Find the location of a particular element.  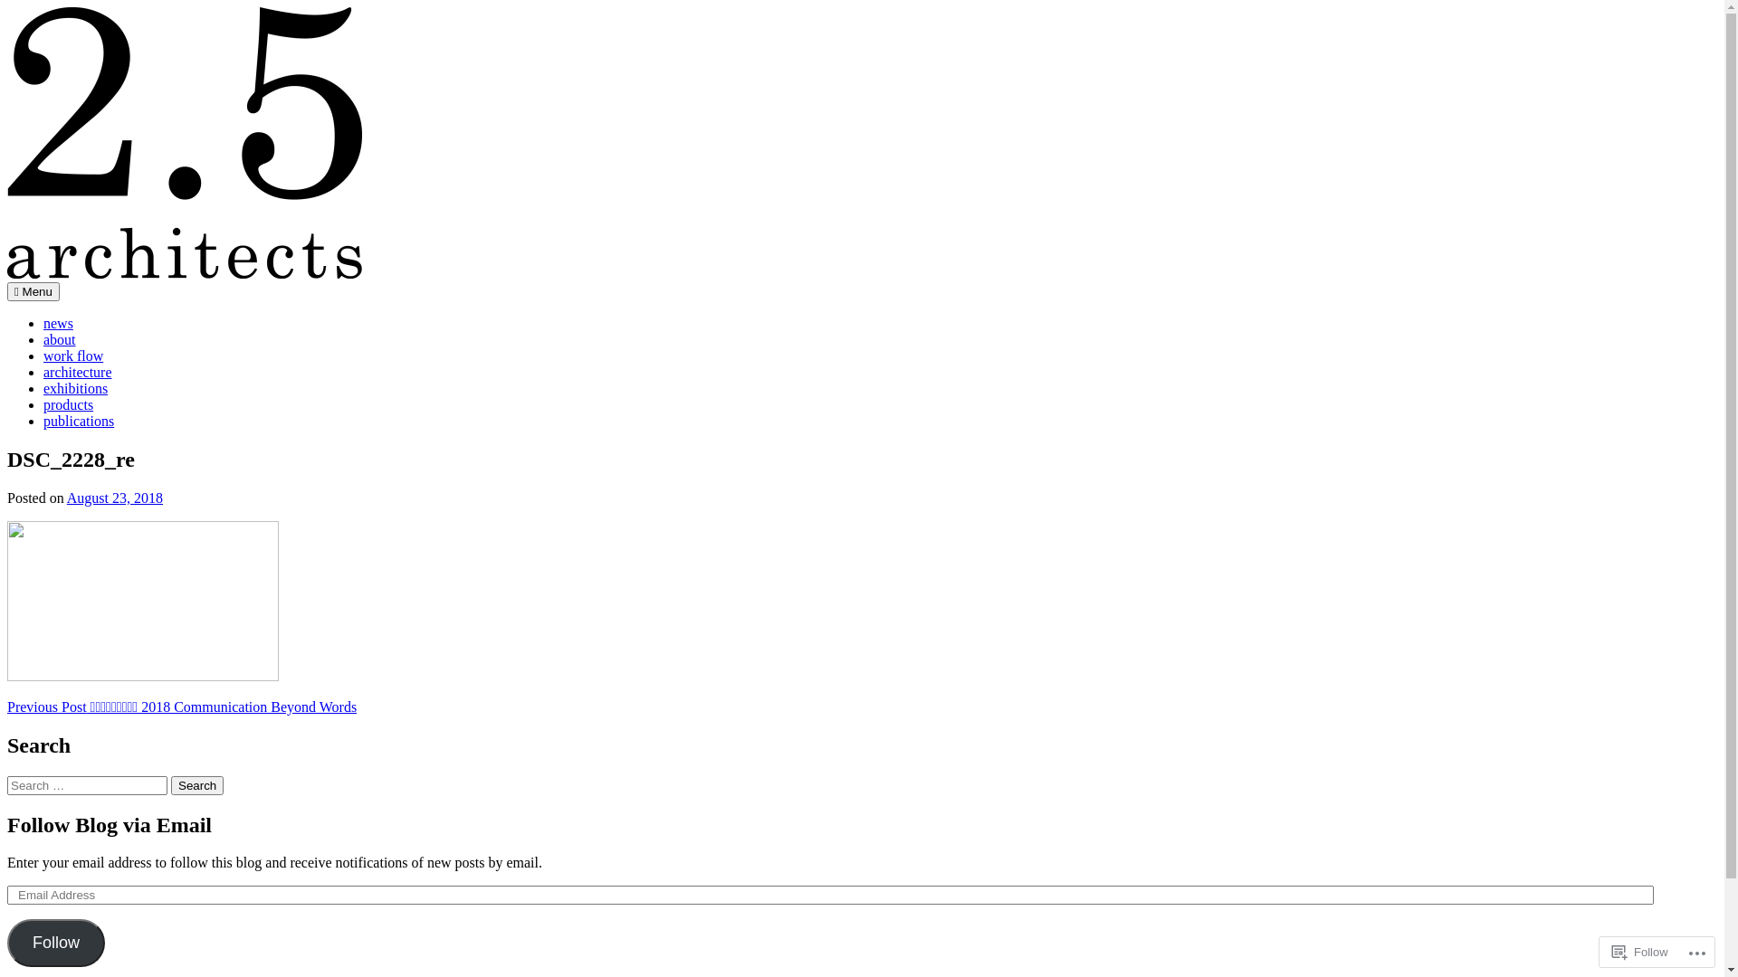

'architecture' is located at coordinates (77, 371).